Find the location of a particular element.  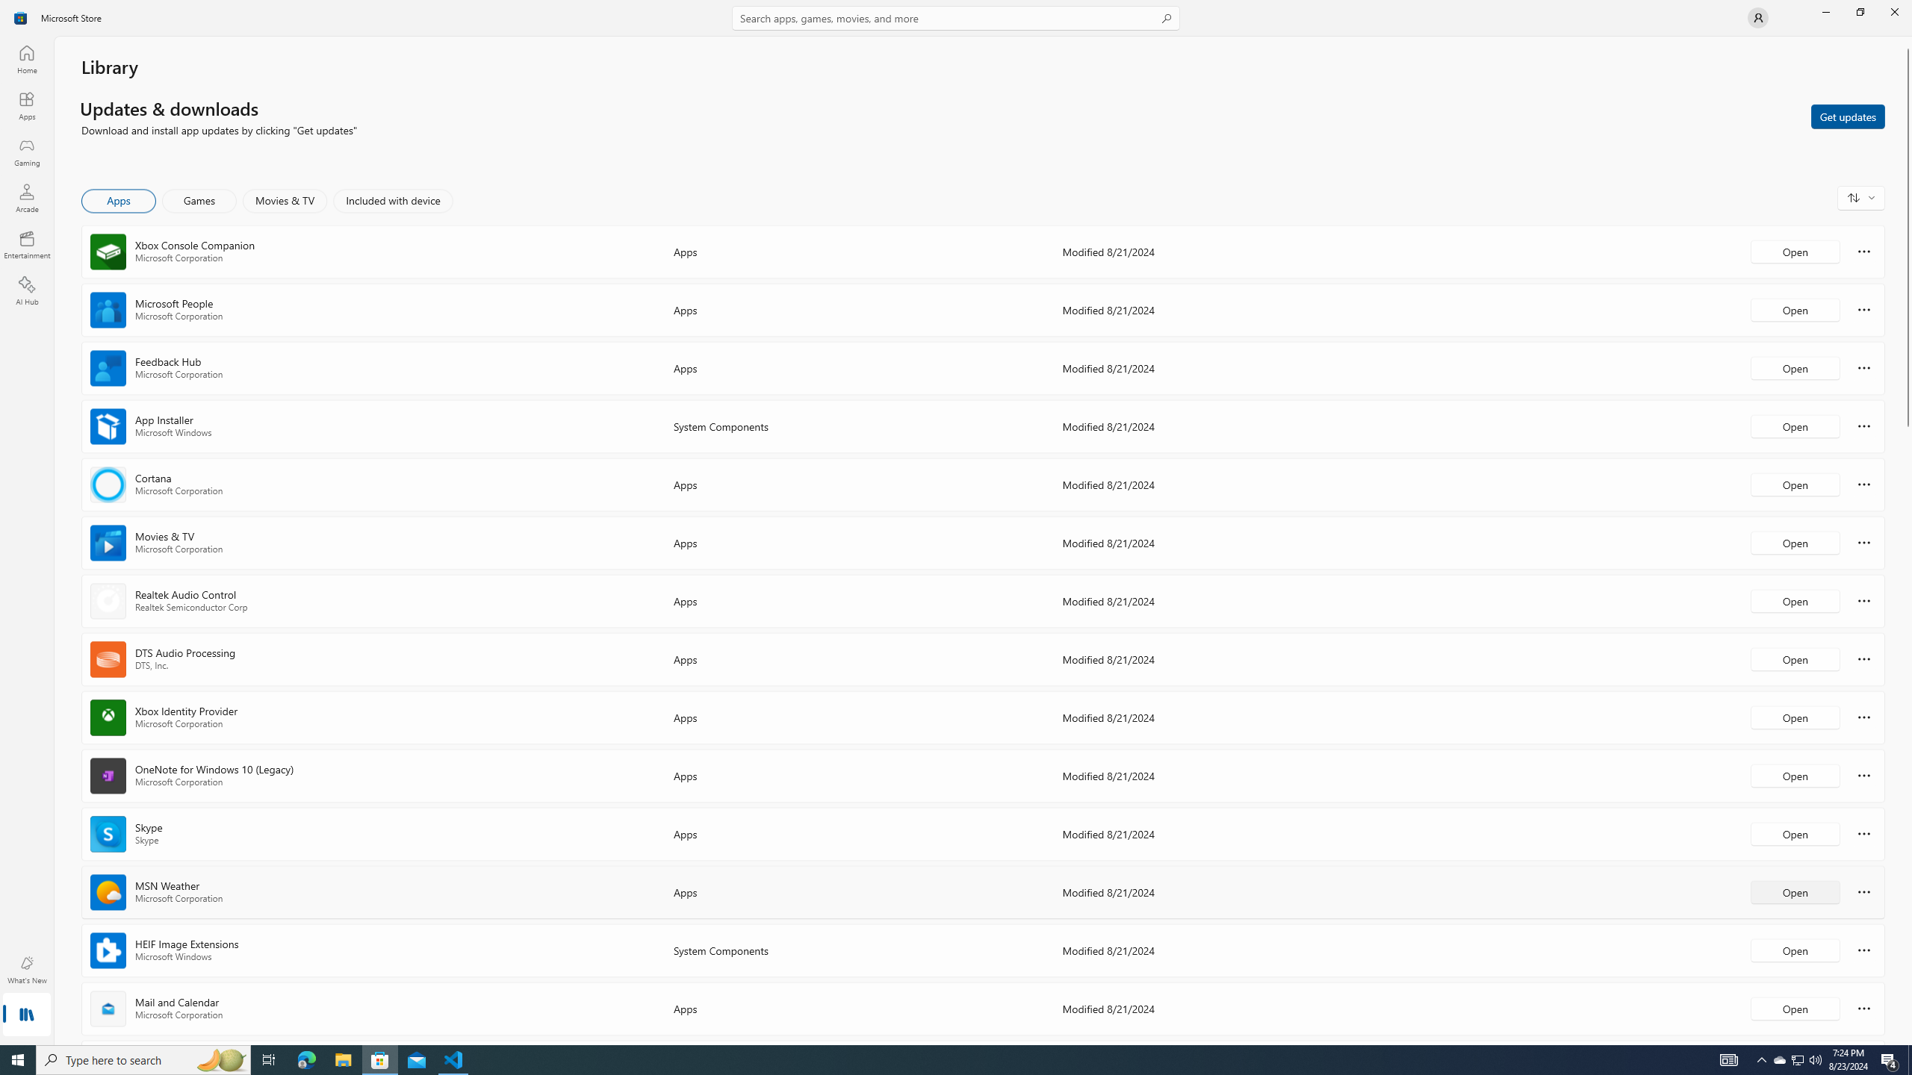

'Apps' is located at coordinates (25, 105).